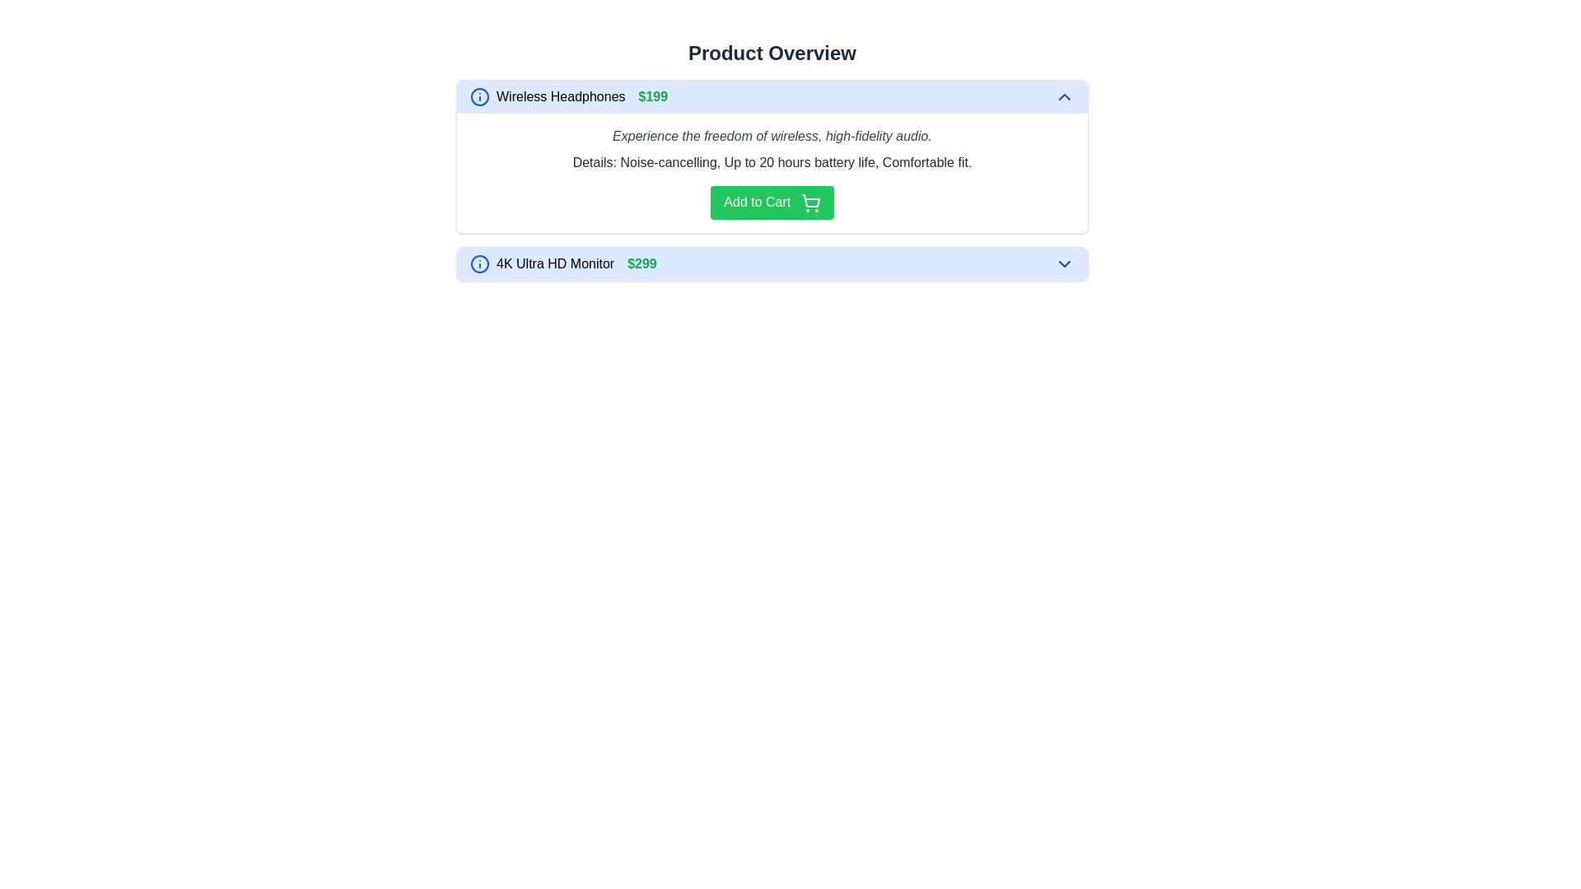 This screenshot has width=1581, height=889. What do you see at coordinates (478, 263) in the screenshot?
I see `the SVG Circle element that serves as a background for the graphical icon on the left side of the 'Wireless Headphones - $199' label` at bounding box center [478, 263].